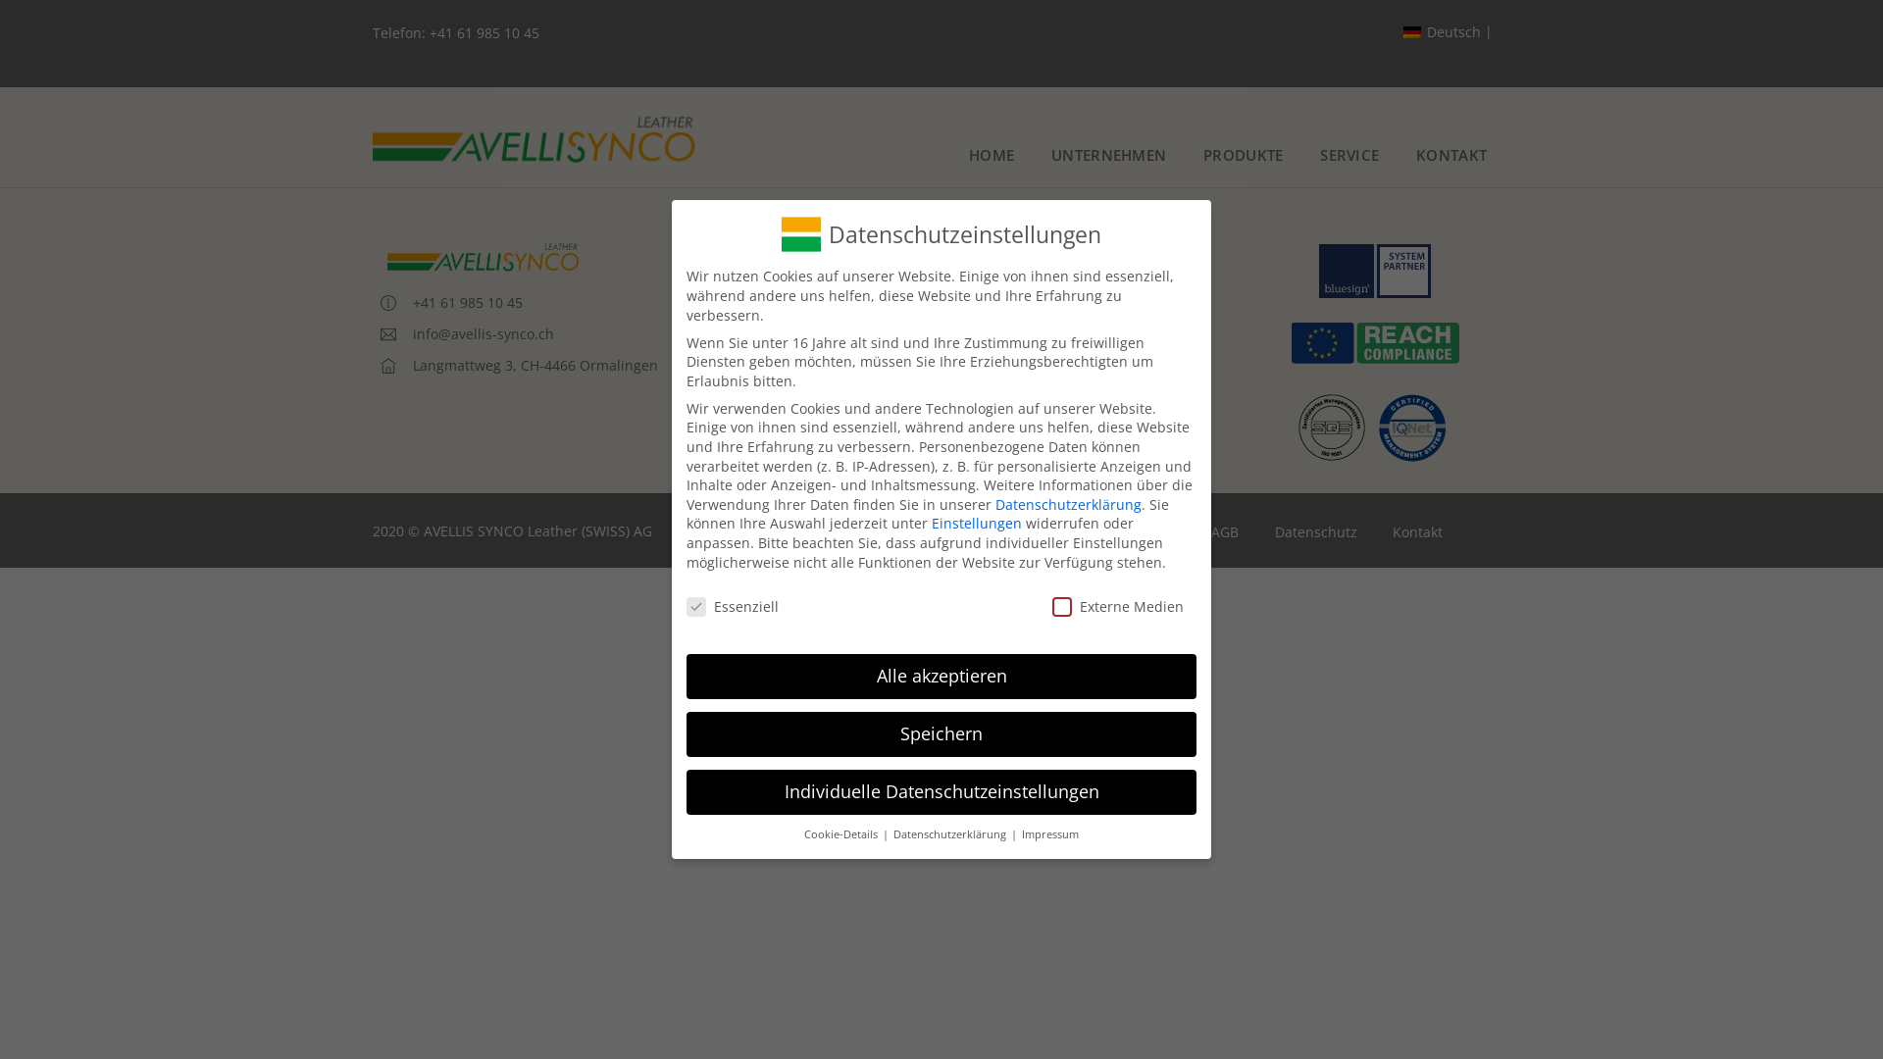  What do you see at coordinates (897, 381) in the screenshot?
I see `'Farbchemie Braun Gruppe'` at bounding box center [897, 381].